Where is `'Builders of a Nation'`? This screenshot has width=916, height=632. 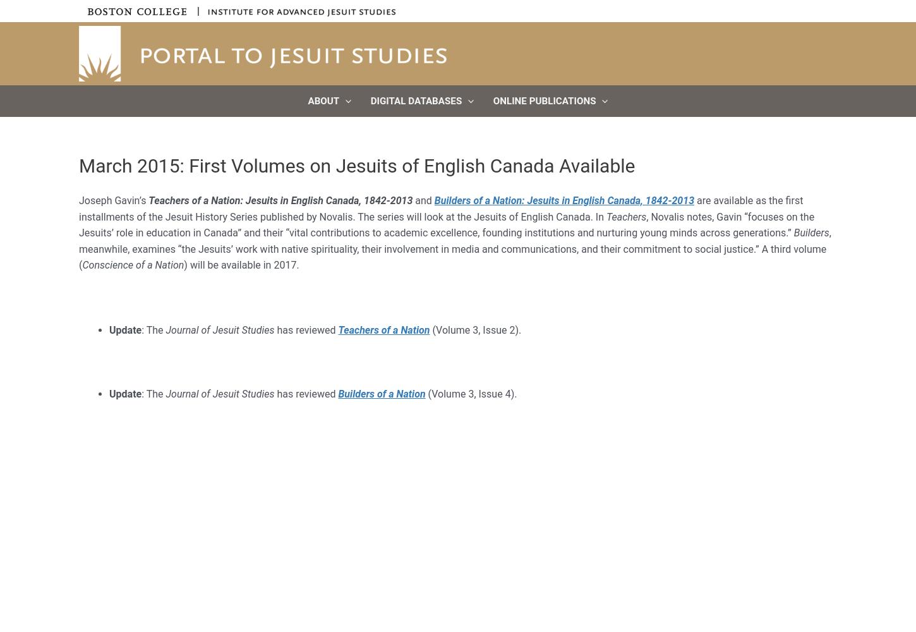 'Builders of a Nation' is located at coordinates (338, 392).